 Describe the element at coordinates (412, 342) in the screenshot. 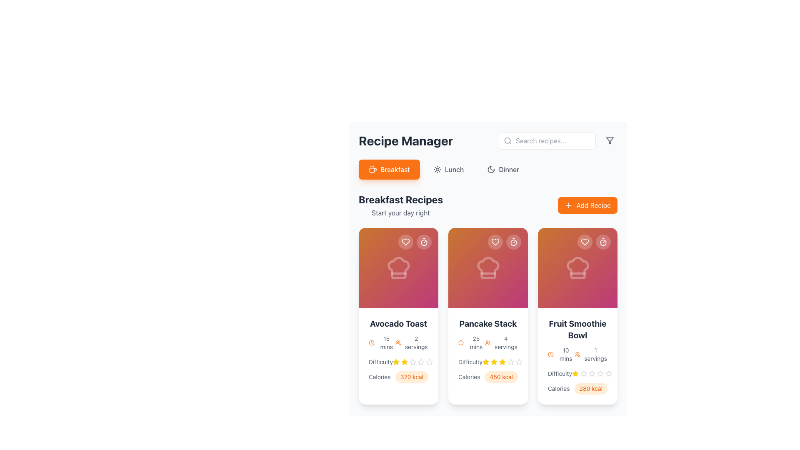

I see `the text and icon pair displaying '2 servings' with an orange outlined user icon, located in the Breakfast Recipes section of the Avocado Toast card` at that location.